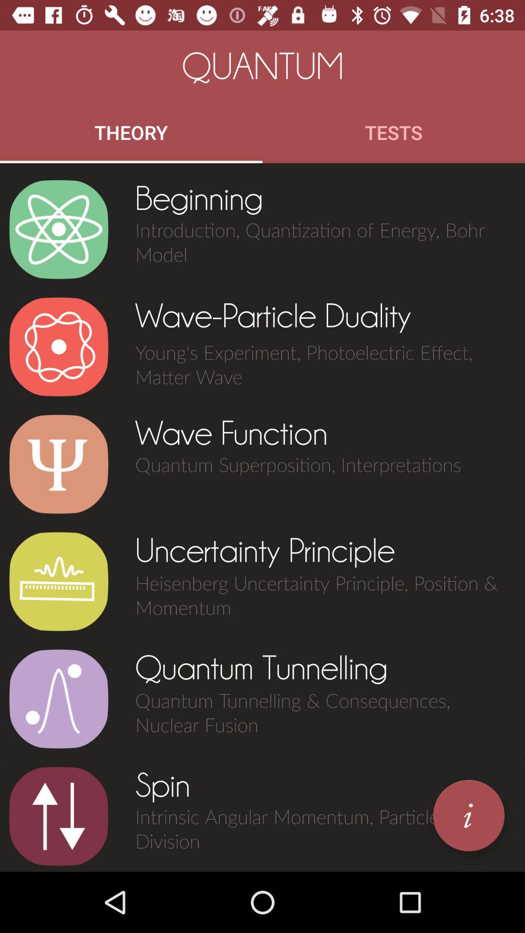 This screenshot has width=525, height=933. Describe the element at coordinates (58, 698) in the screenshot. I see `get information on quantum tunnelling` at that location.